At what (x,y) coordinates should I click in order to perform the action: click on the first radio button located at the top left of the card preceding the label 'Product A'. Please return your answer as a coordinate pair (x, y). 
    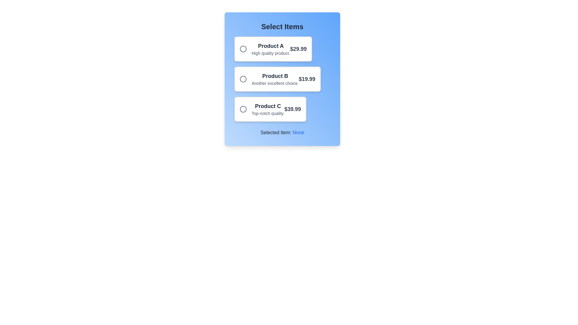
    Looking at the image, I should click on (246, 48).